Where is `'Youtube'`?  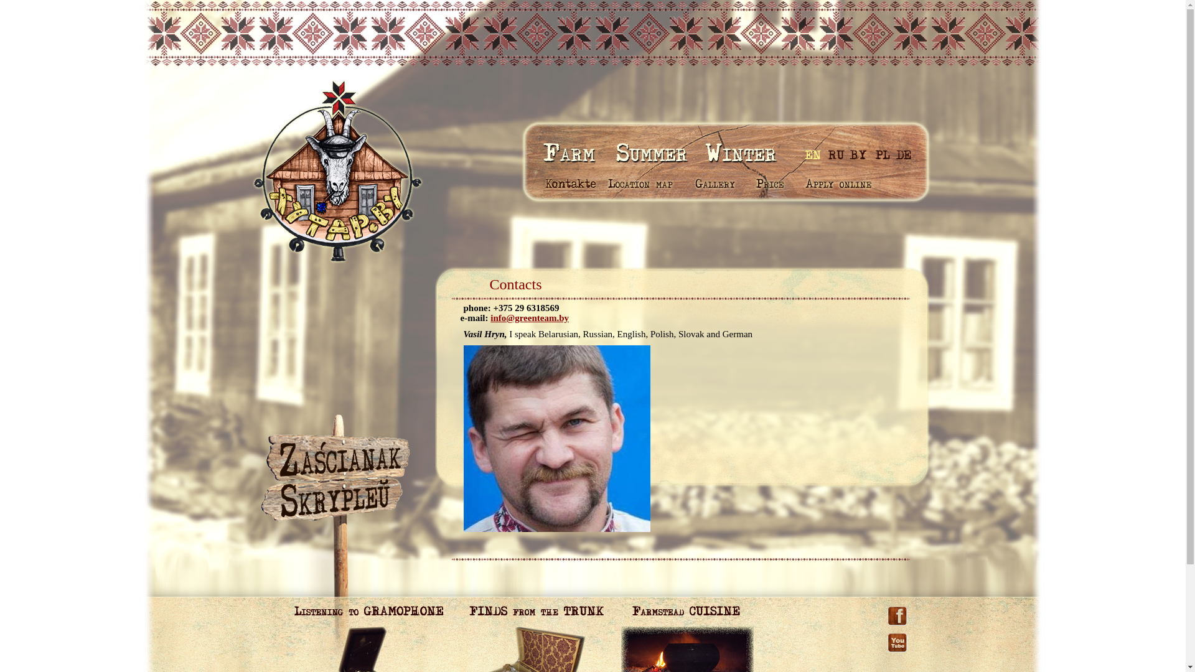 'Youtube' is located at coordinates (886, 632).